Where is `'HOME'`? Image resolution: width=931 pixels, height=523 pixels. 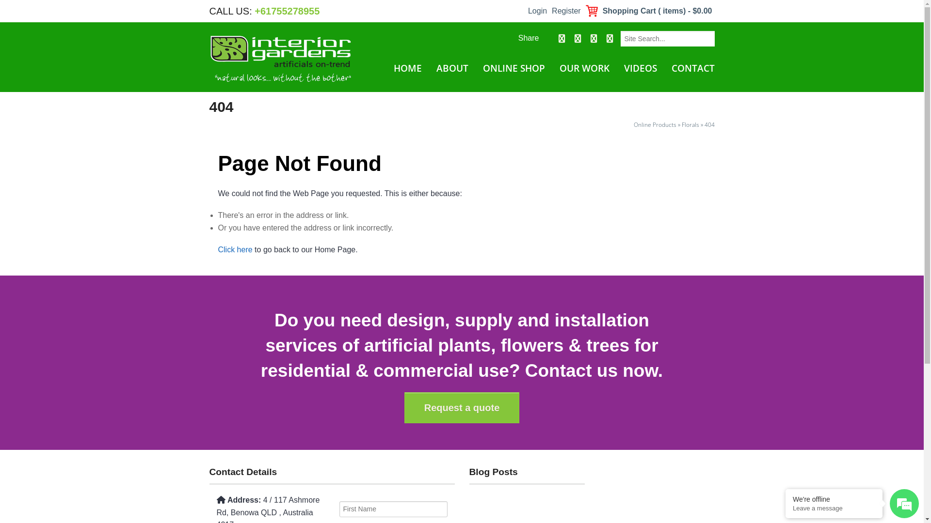
'HOME' is located at coordinates (407, 68).